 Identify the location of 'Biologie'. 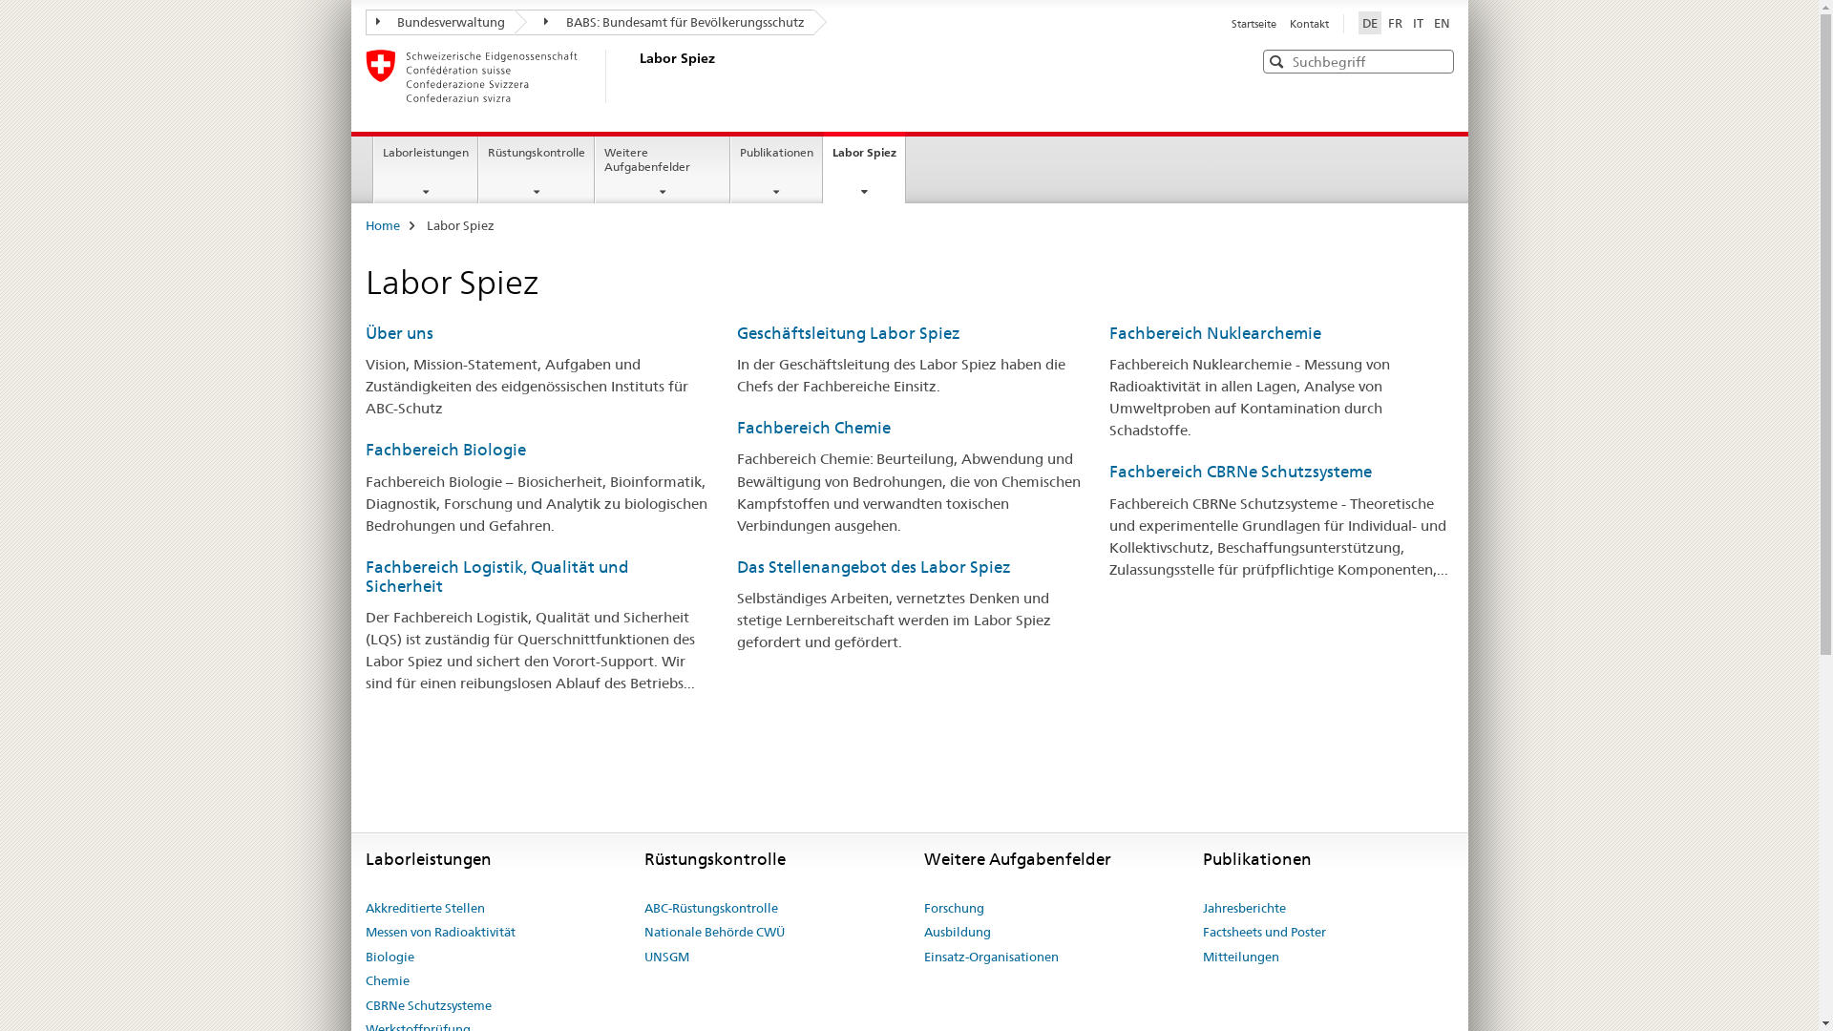
(388, 957).